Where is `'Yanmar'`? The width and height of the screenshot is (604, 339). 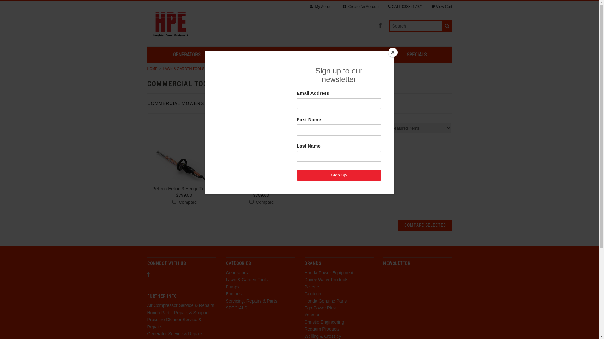 'Yanmar' is located at coordinates (305, 315).